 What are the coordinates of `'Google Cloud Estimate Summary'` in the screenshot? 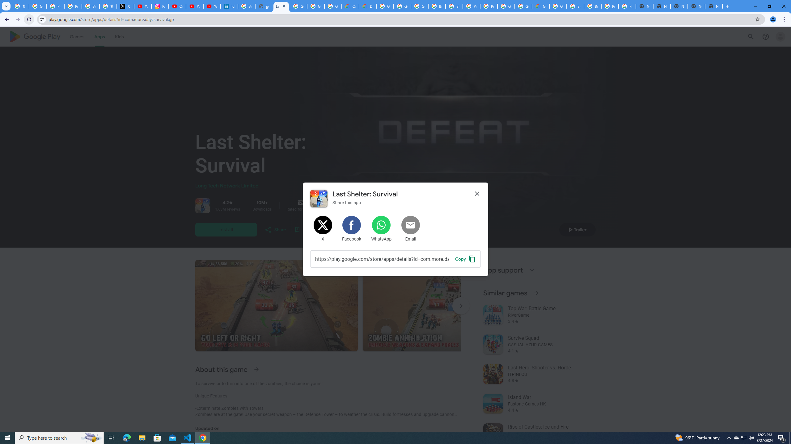 It's located at (540, 6).